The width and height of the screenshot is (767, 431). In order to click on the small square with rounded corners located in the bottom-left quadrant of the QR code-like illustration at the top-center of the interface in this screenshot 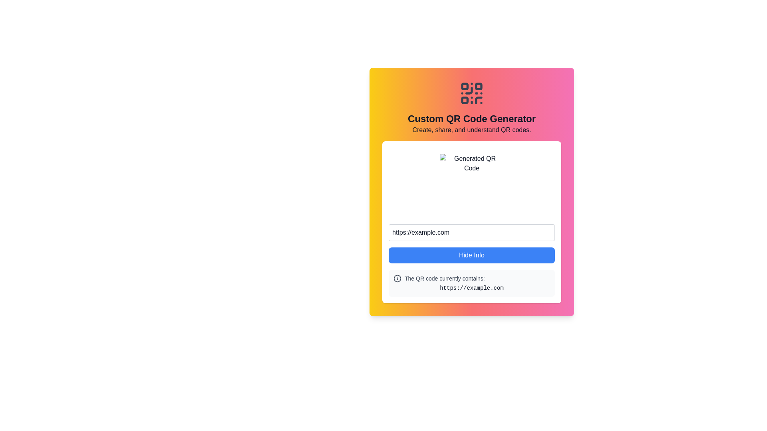, I will do `click(465, 100)`.